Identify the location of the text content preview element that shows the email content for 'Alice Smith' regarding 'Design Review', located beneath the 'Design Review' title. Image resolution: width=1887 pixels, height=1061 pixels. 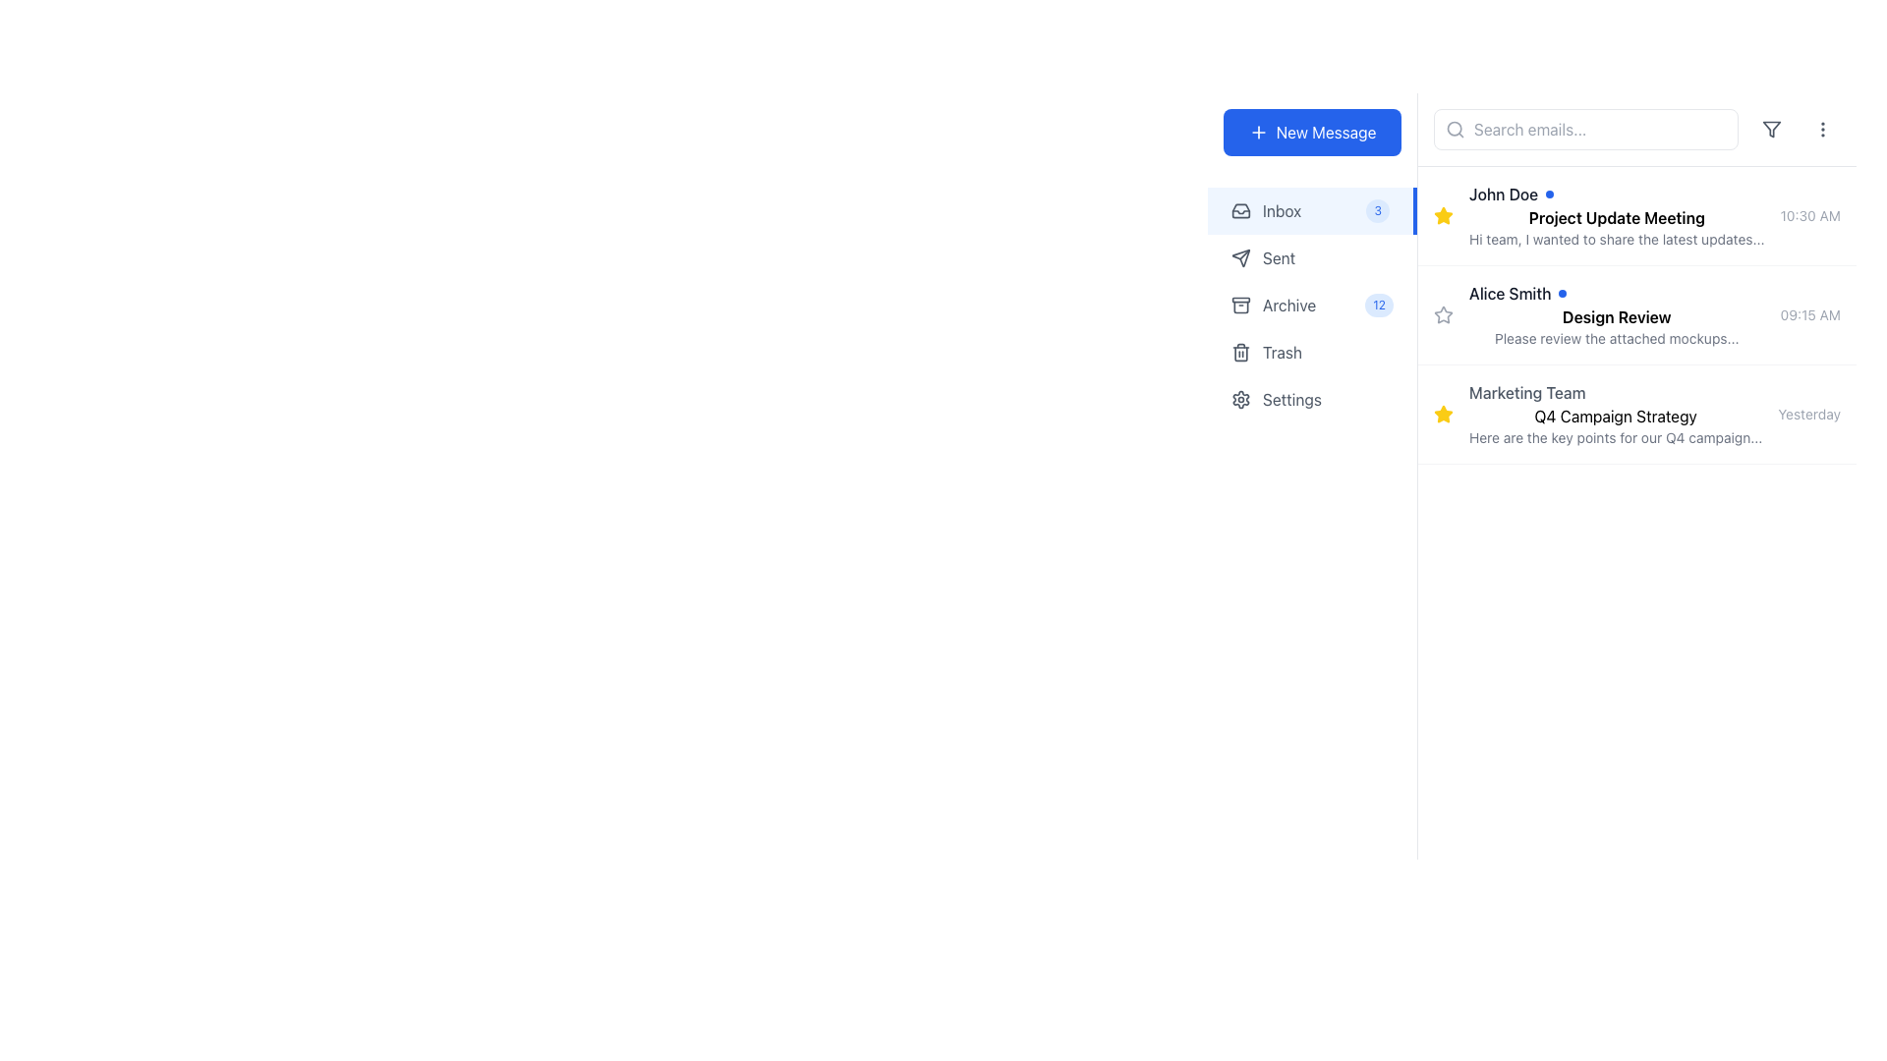
(1617, 337).